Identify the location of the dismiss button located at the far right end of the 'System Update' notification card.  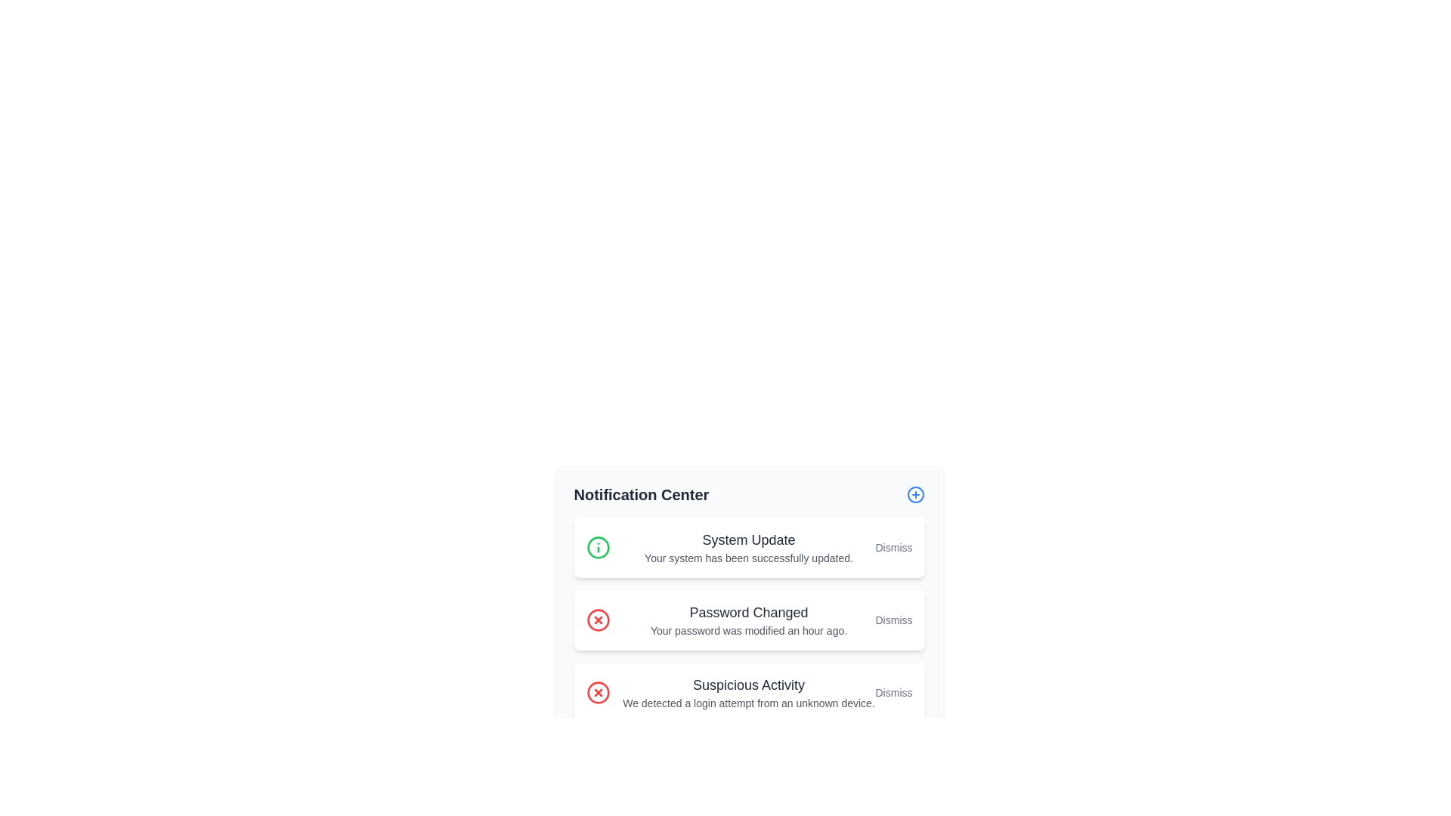
(893, 548).